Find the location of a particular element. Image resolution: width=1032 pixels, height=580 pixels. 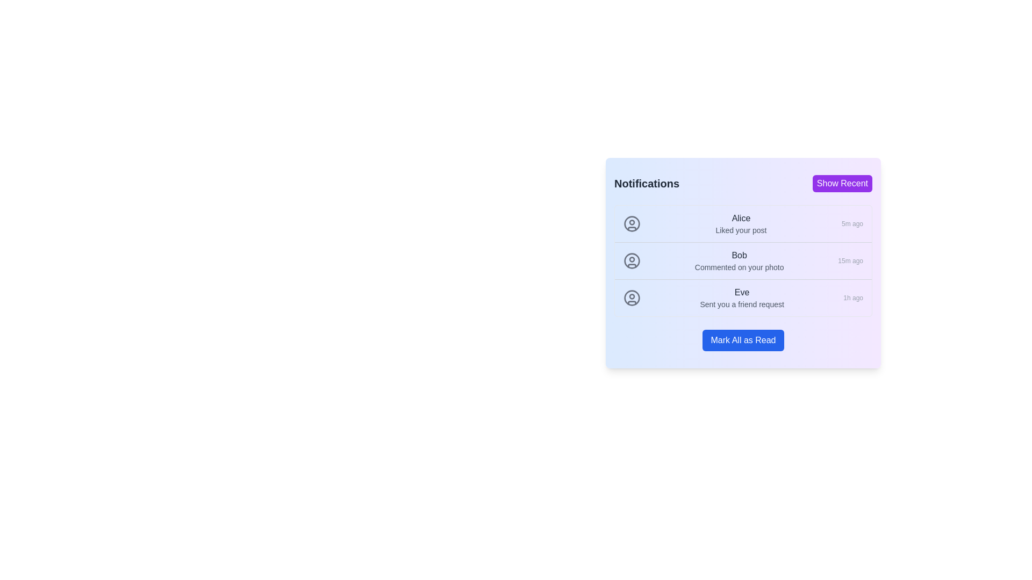

the avatar of Bob to open their profile or related actions is located at coordinates (632, 261).